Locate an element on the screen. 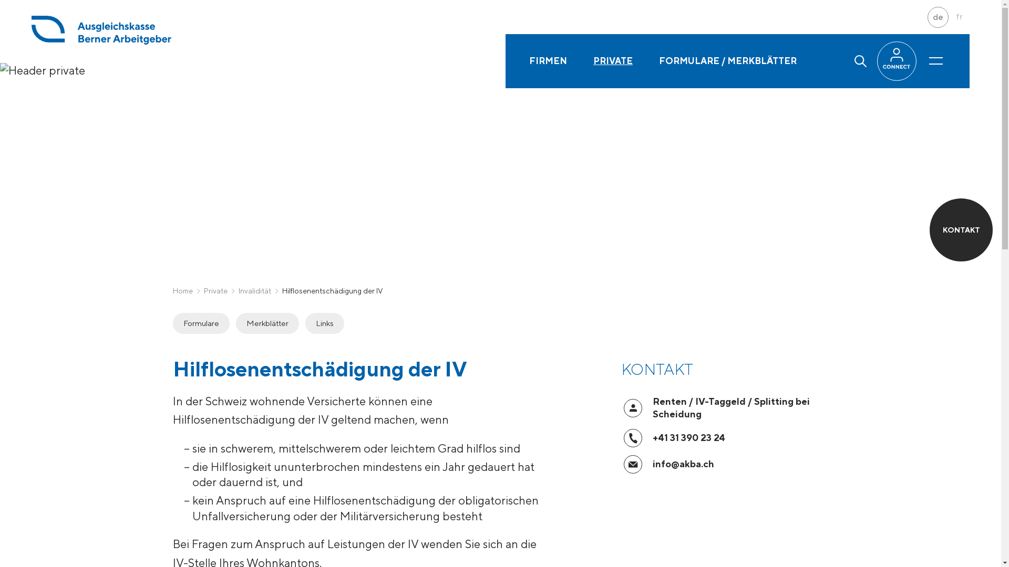 The height and width of the screenshot is (567, 1009). 'Links' is located at coordinates (324, 323).